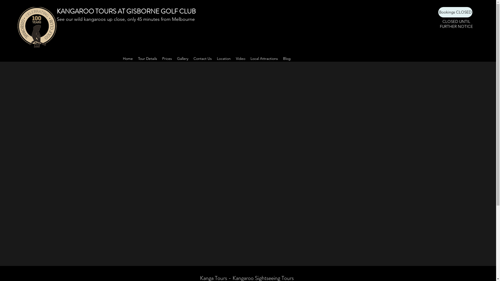 The image size is (500, 281). What do you see at coordinates (247, 156) in the screenshot?
I see `'Google Maps'` at bounding box center [247, 156].